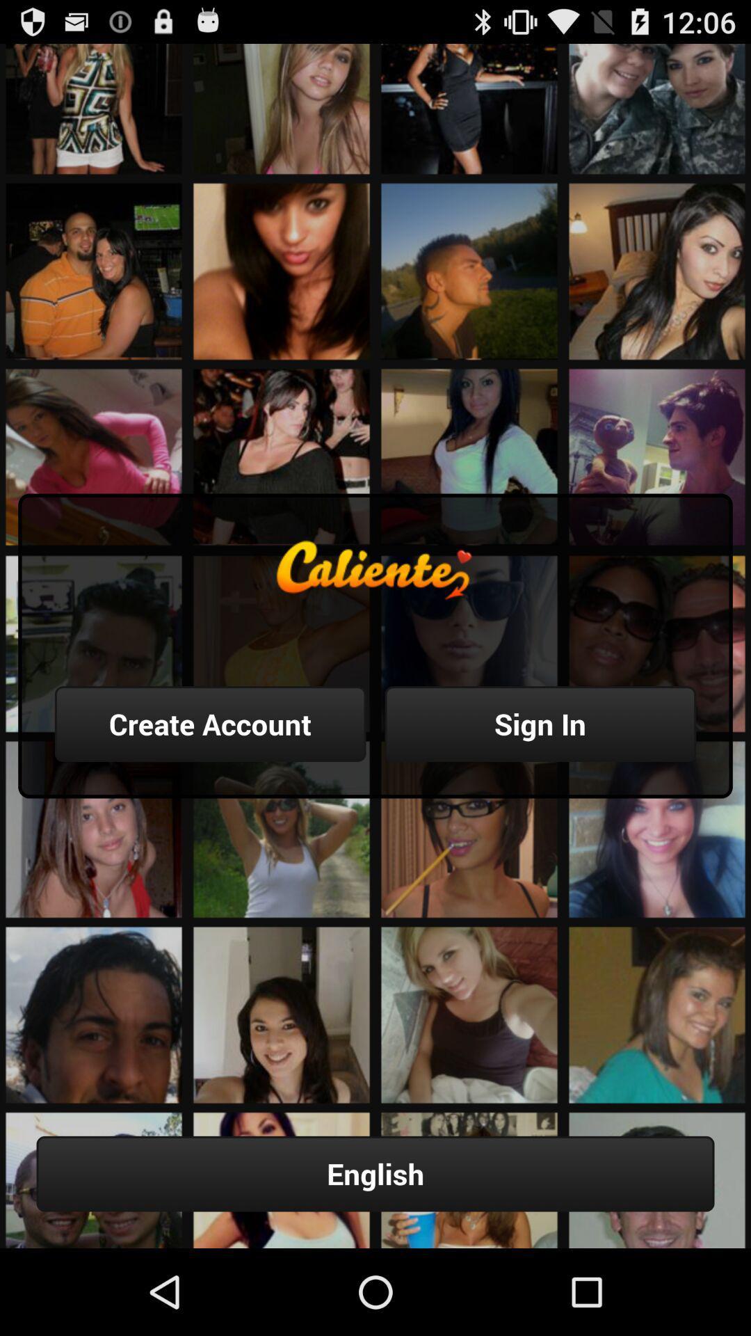 The image size is (751, 1336). I want to click on english icon, so click(375, 1173).